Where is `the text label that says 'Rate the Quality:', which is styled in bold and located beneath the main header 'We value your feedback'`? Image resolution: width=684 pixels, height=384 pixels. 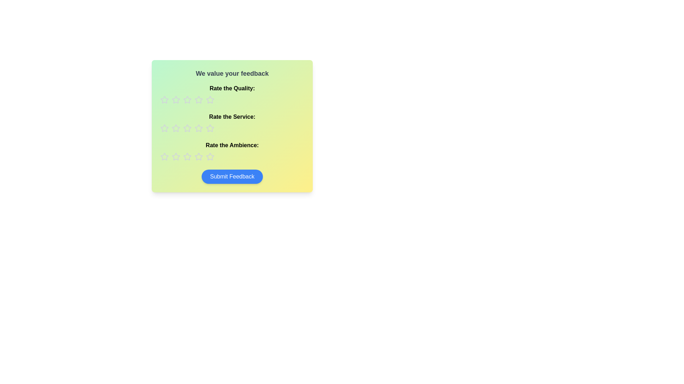 the text label that says 'Rate the Quality:', which is styled in bold and located beneath the main header 'We value your feedback' is located at coordinates (232, 94).